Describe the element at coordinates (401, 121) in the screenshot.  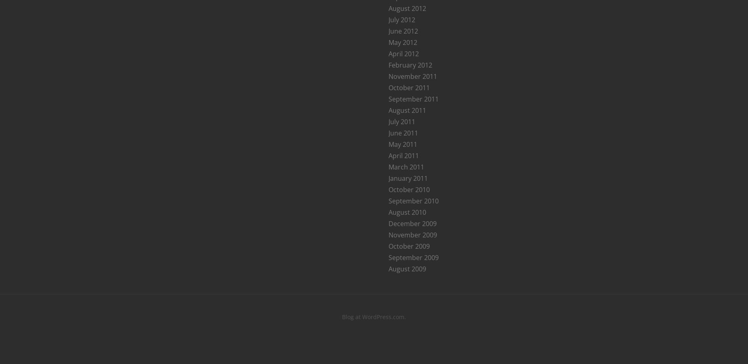
I see `'July 2011'` at that location.